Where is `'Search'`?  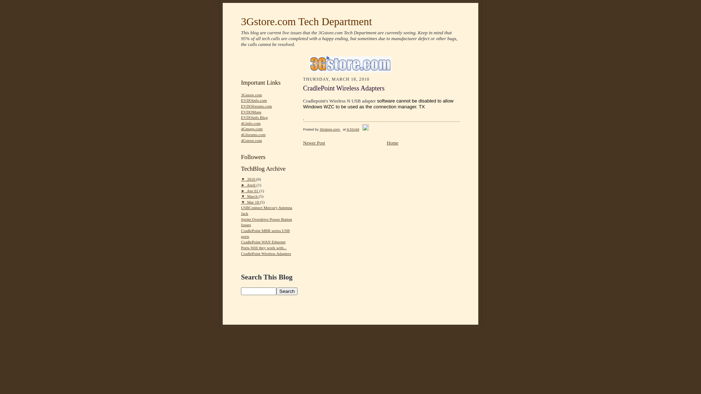 'Search' is located at coordinates (287, 291).